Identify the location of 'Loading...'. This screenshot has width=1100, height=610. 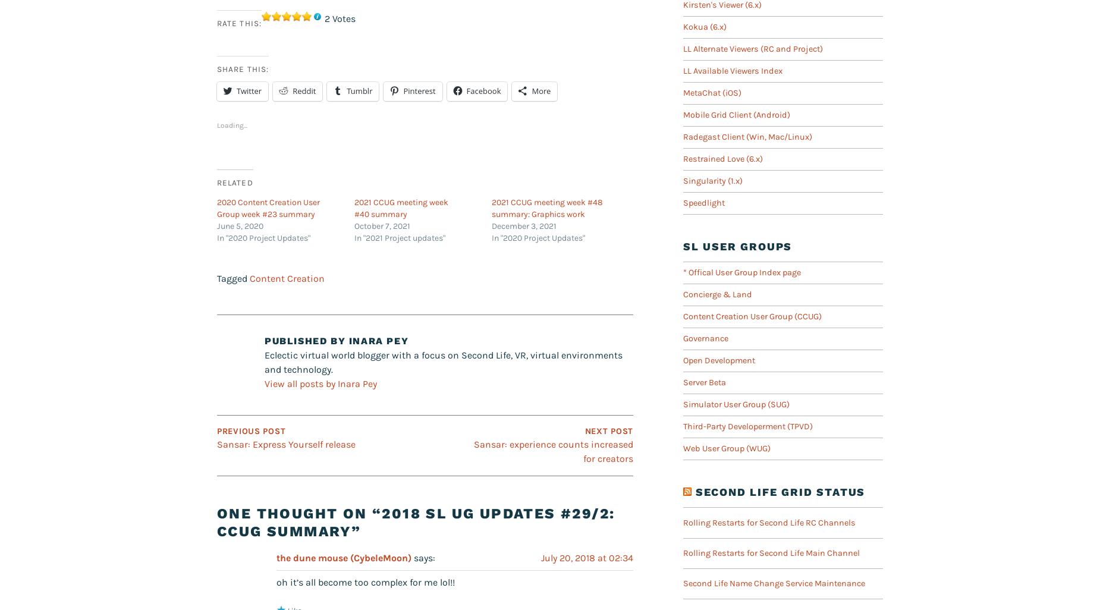
(231, 125).